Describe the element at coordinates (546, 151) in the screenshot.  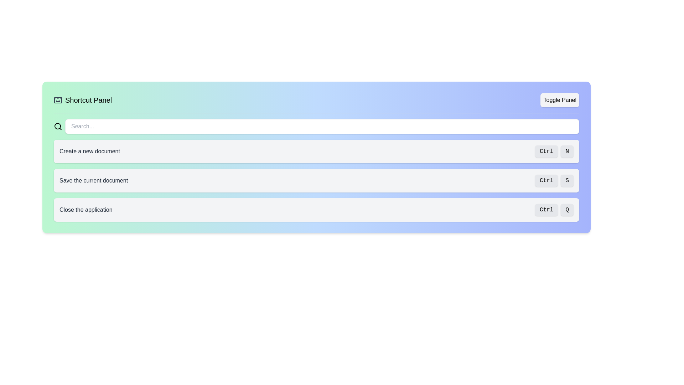
I see `the 'Ctrl' button styled as a static label, which is the left button in a pair of buttons, part of the shortcut entries for 'Create a new document'` at that location.